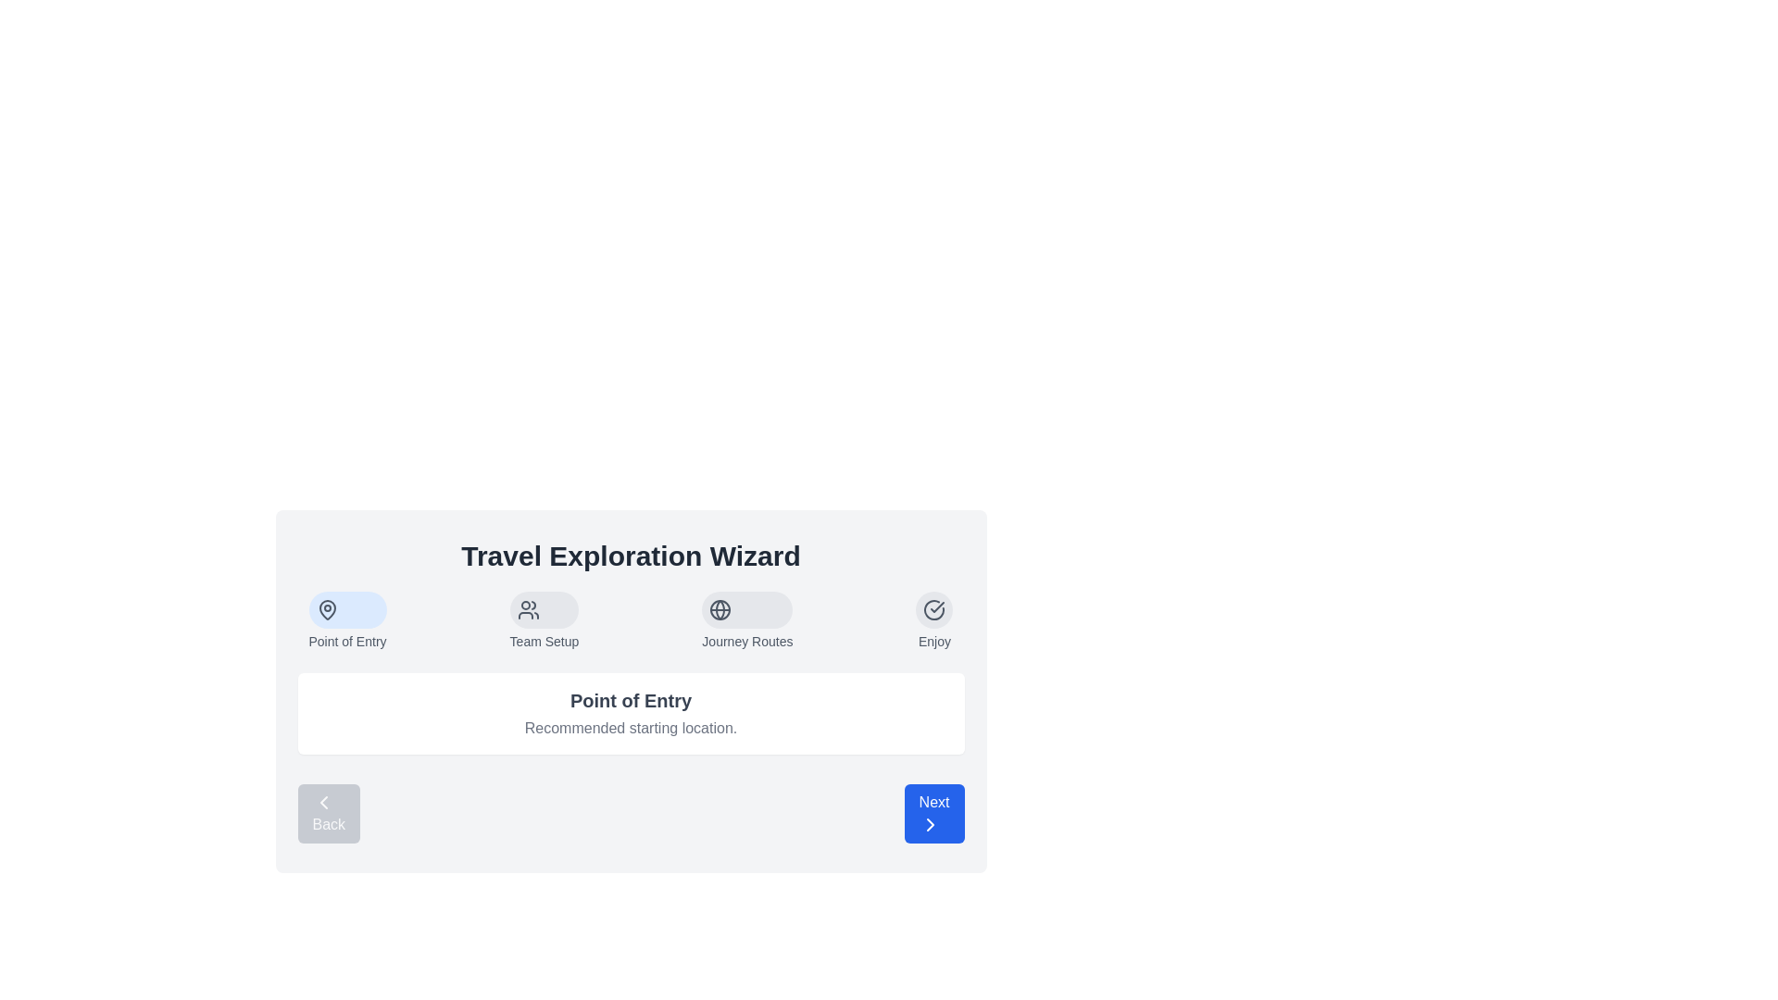  I want to click on the 'Enjoy' step icon in the far-right section of the navigation menu, which is the fourth item after 'Journey Routes', so click(934, 621).